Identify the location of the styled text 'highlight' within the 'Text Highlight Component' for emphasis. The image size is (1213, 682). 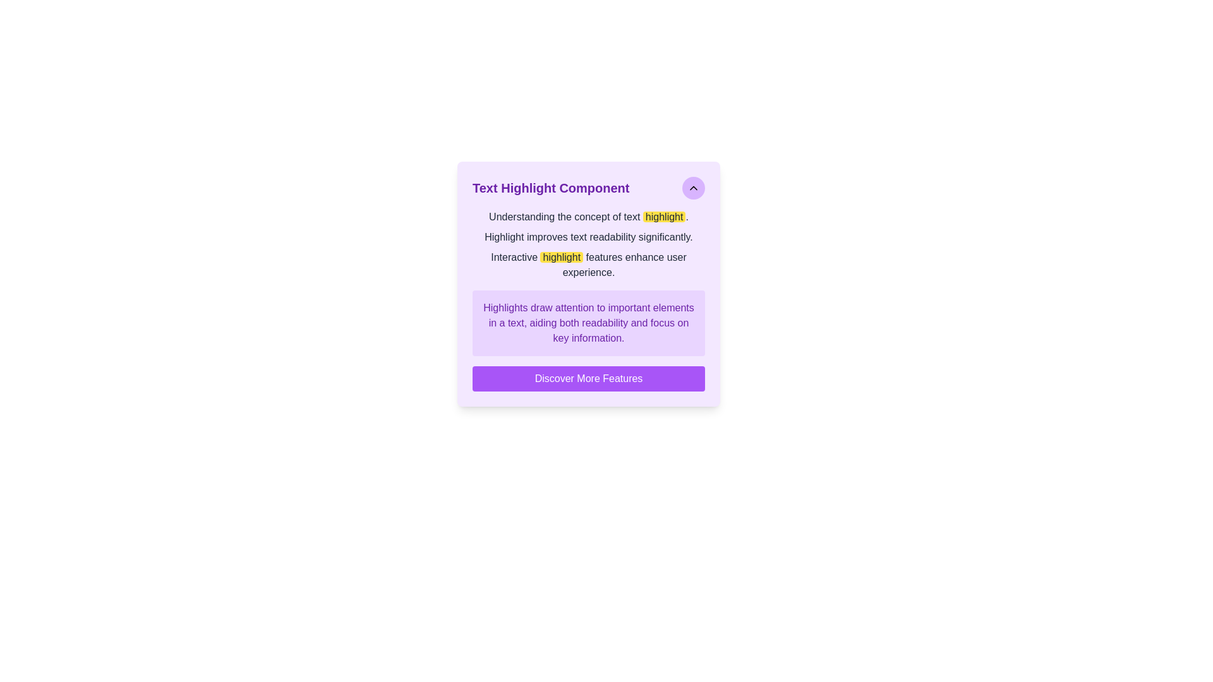
(561, 256).